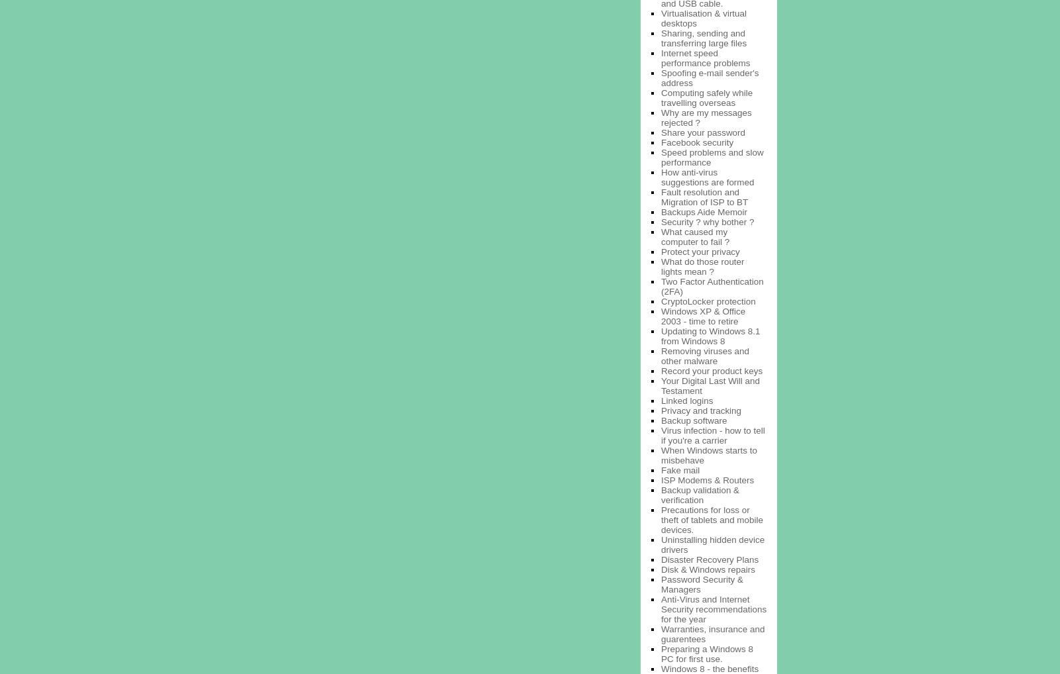 The width and height of the screenshot is (1060, 674). I want to click on 'Anti-Virus and Internet Security recommendations for the year', so click(661, 608).